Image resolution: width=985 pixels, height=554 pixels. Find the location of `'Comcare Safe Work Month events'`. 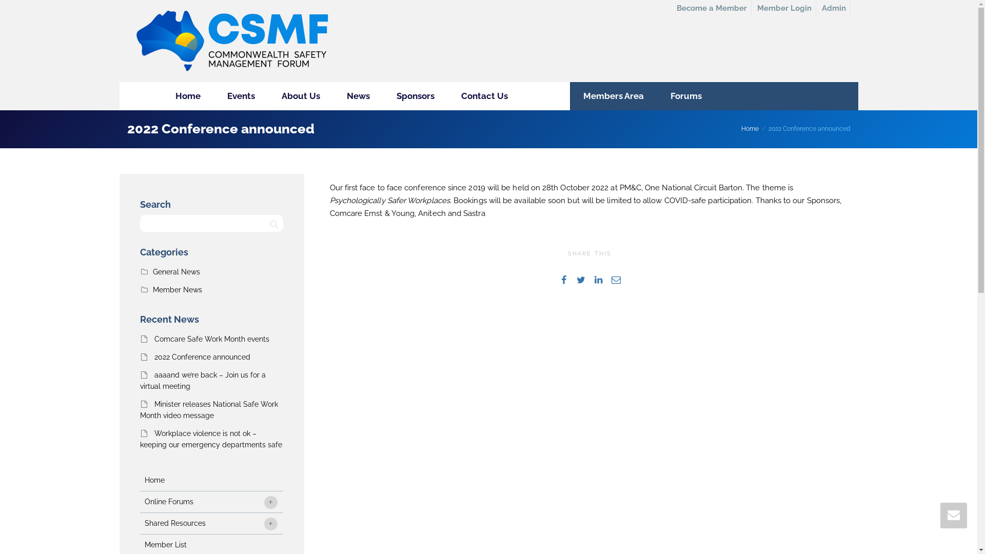

'Comcare Safe Work Month events' is located at coordinates (211, 339).